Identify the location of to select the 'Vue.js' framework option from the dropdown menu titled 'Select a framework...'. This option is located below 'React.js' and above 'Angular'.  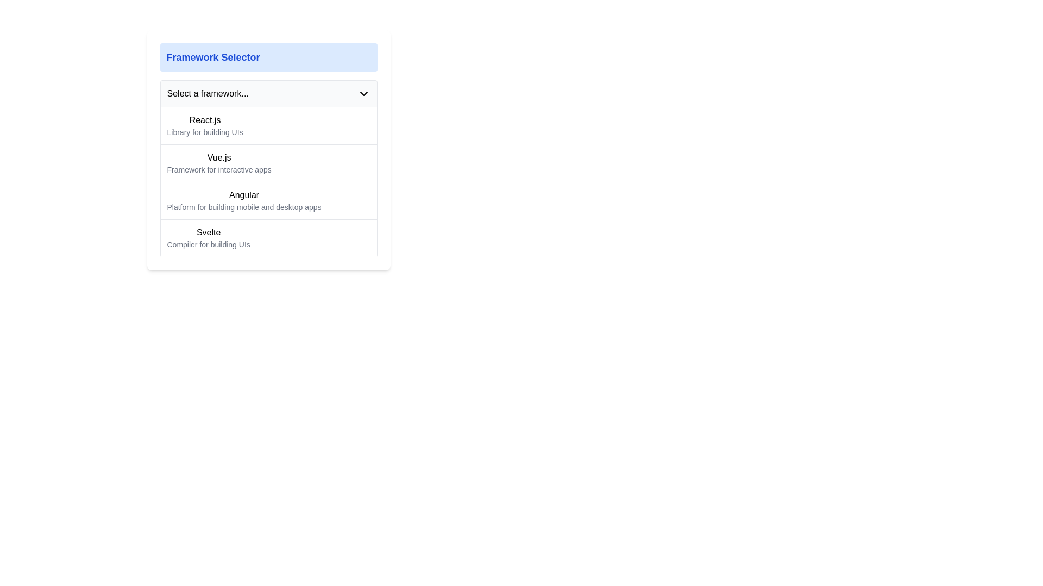
(268, 181).